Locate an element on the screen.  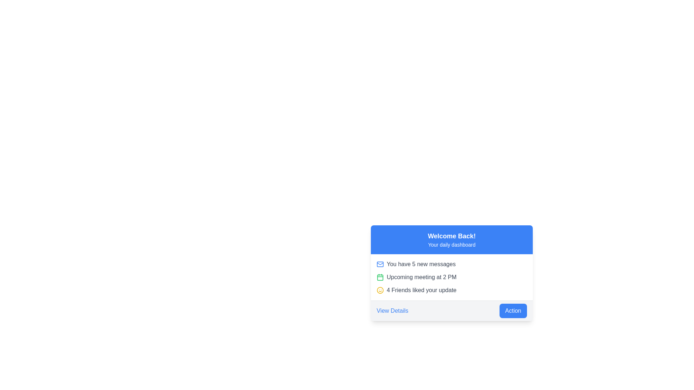
the first notification item in the card section located on the lower right of the interface, which informs users about new messages in their inbox is located at coordinates (451, 264).